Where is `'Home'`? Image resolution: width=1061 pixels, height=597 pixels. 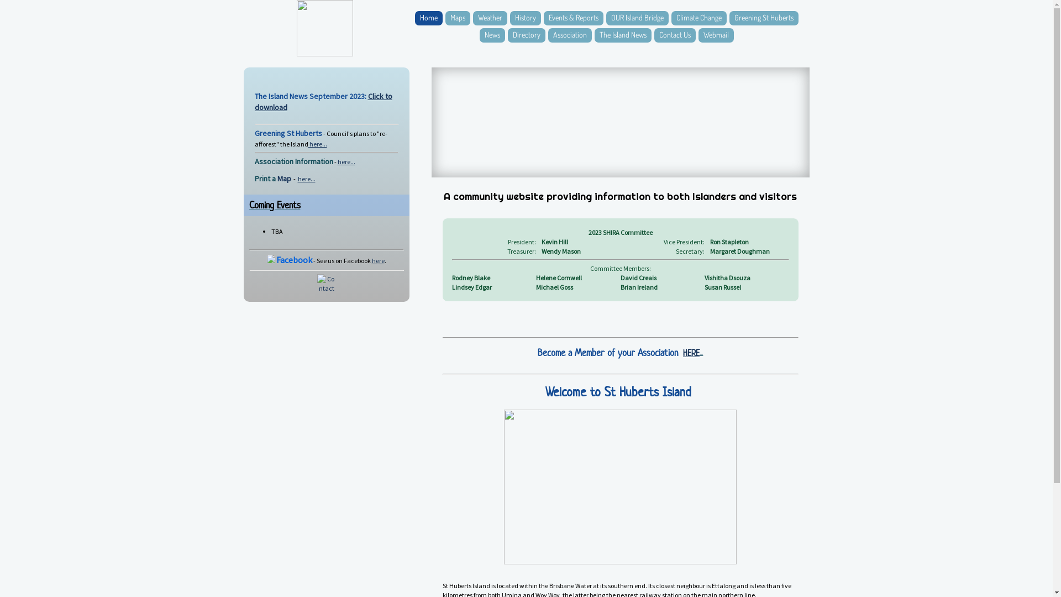
'Home' is located at coordinates (427, 18).